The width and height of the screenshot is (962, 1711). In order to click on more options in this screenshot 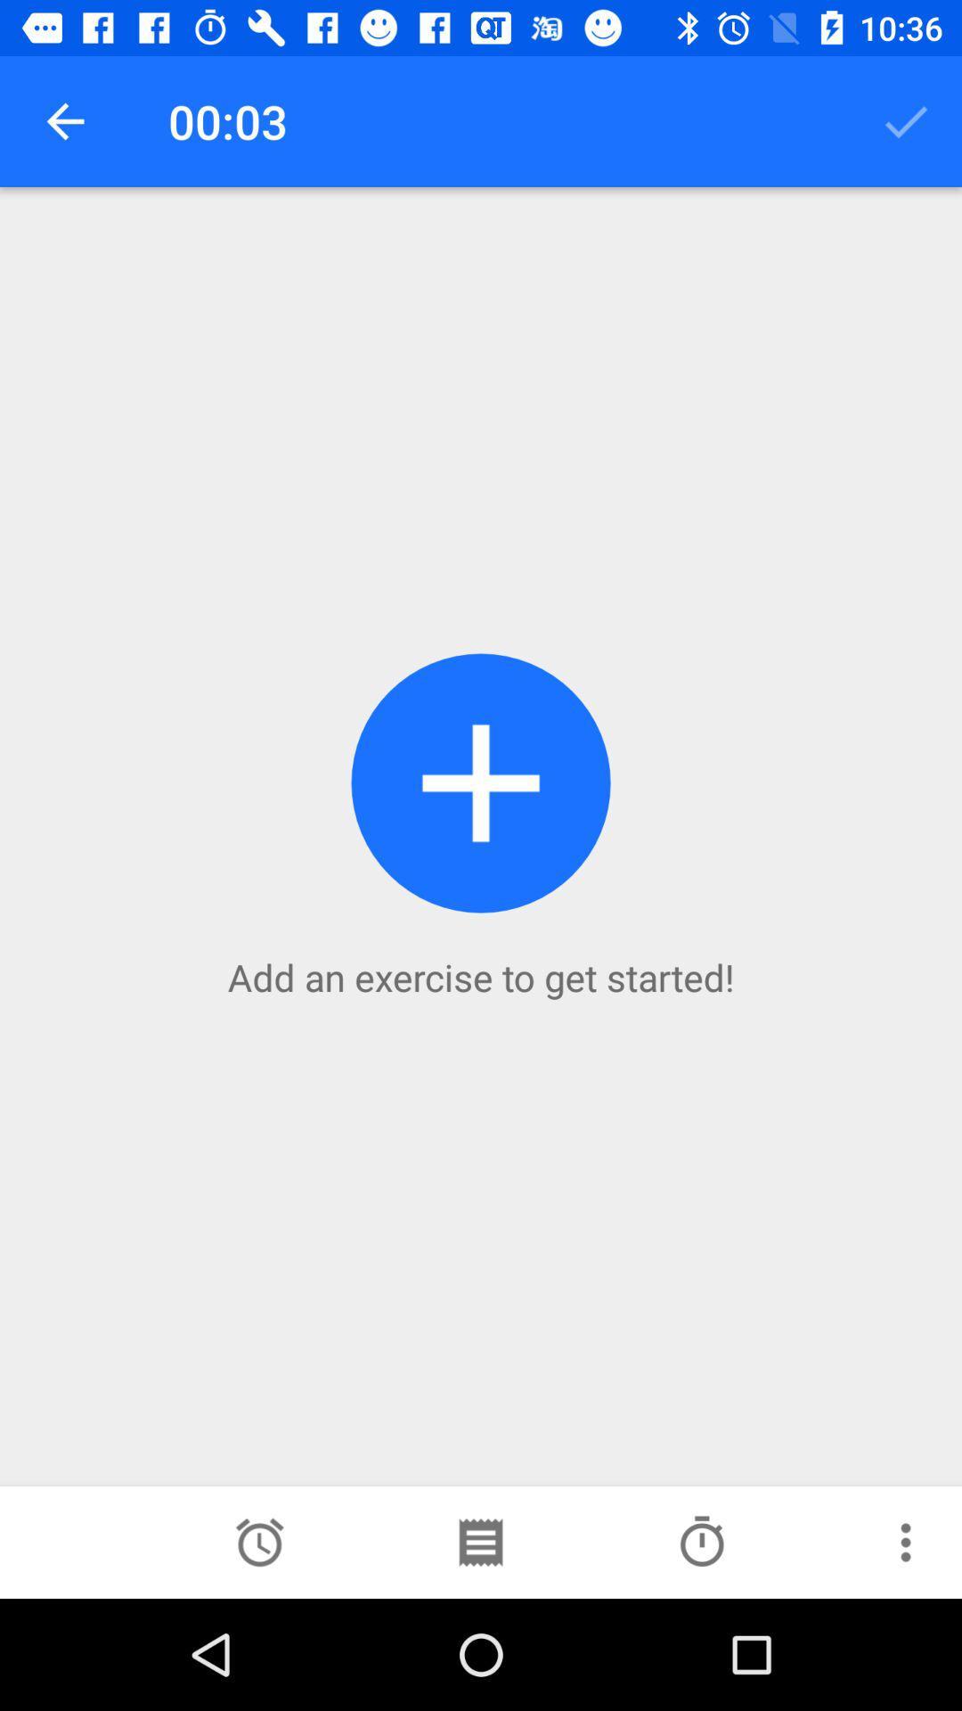, I will do `click(906, 1542)`.